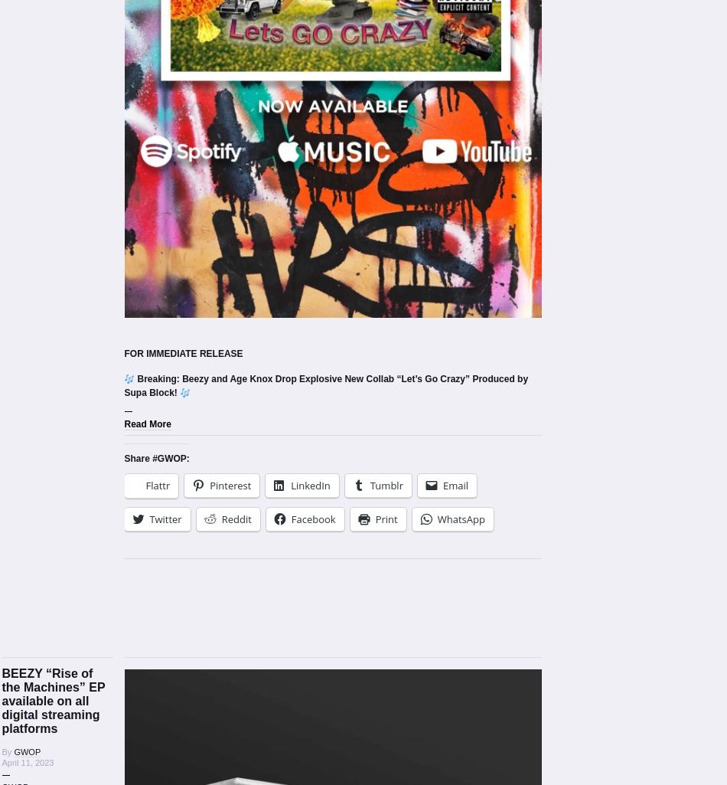  Describe the element at coordinates (386, 518) in the screenshot. I see `'Print'` at that location.